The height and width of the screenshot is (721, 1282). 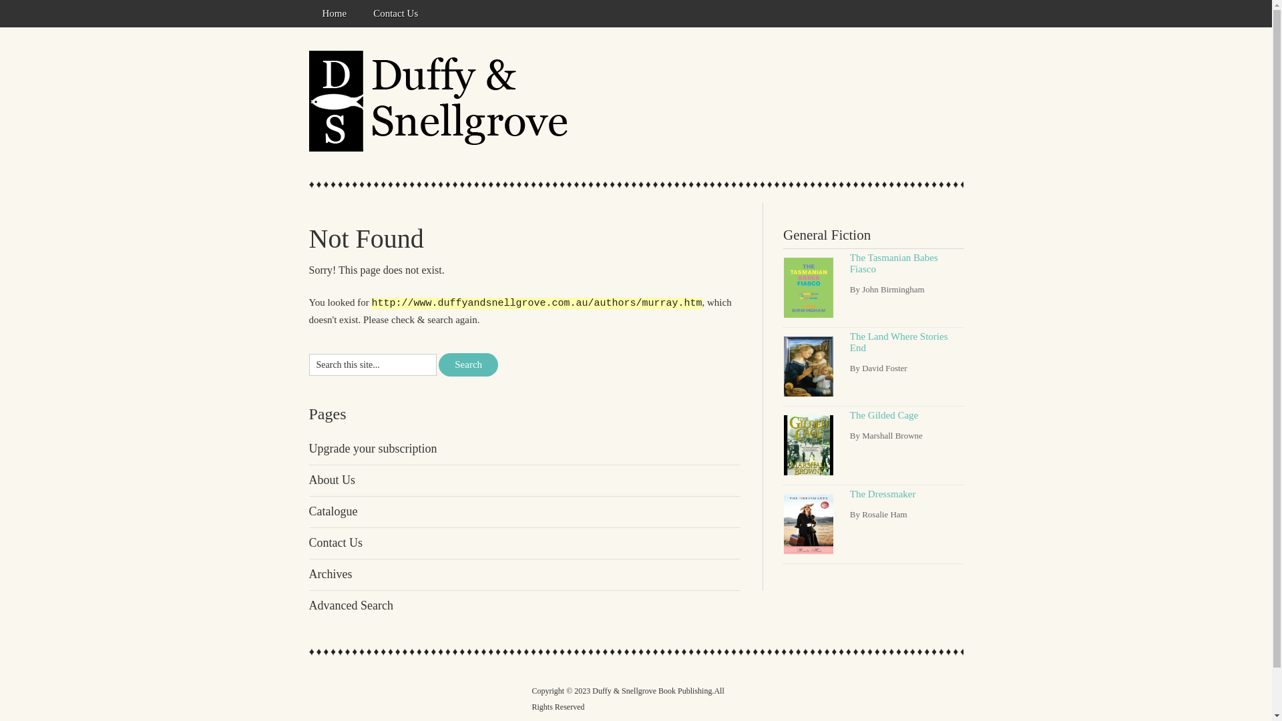 I want to click on 'The Tasmanian Babes Fiasco', so click(x=894, y=263).